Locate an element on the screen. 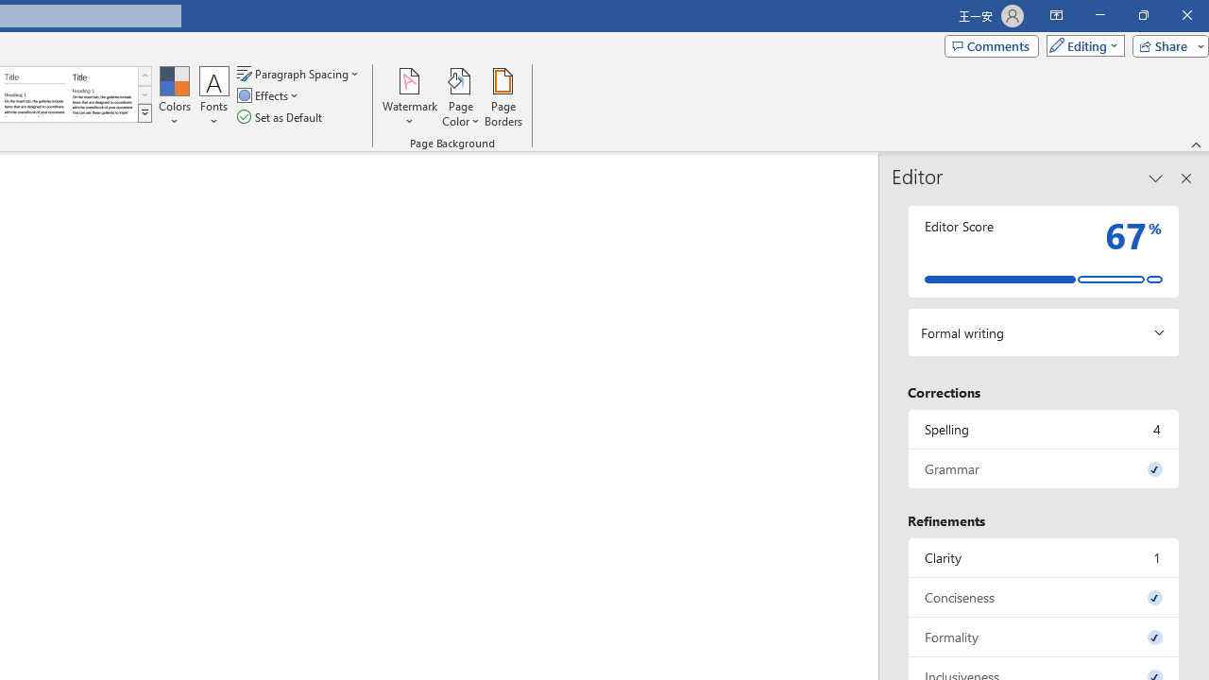 The height and width of the screenshot is (680, 1209). 'Close pane' is located at coordinates (1185, 178).